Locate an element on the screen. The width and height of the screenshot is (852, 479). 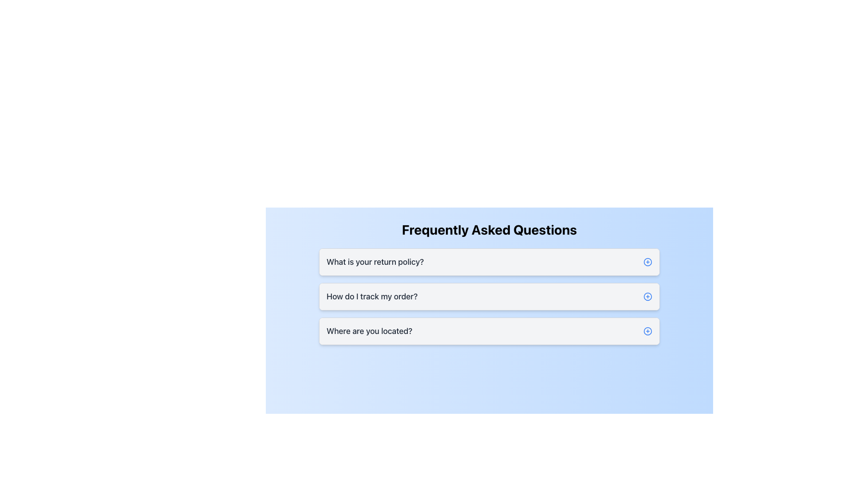
the circular icon button with a blue outline and a '+' symbol, located to the right of the menu item labeled 'Where are you located?' is located at coordinates (647, 331).